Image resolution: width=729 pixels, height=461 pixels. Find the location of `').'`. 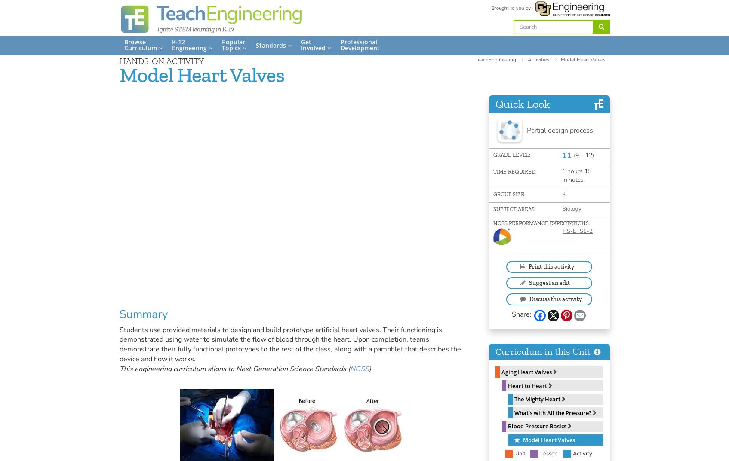

').' is located at coordinates (370, 368).